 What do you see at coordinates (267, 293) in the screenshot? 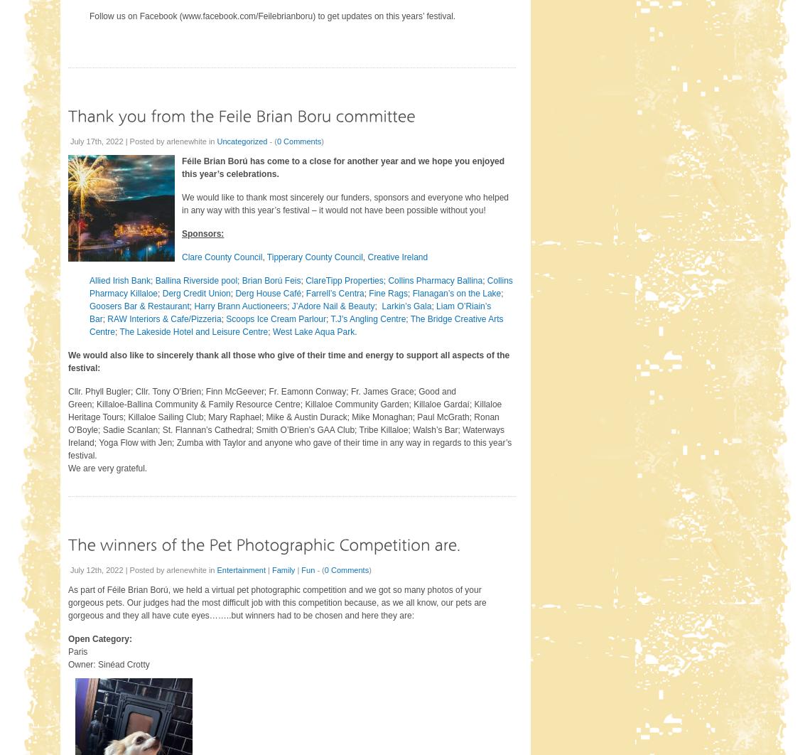
I see `'Derg House Café'` at bounding box center [267, 293].